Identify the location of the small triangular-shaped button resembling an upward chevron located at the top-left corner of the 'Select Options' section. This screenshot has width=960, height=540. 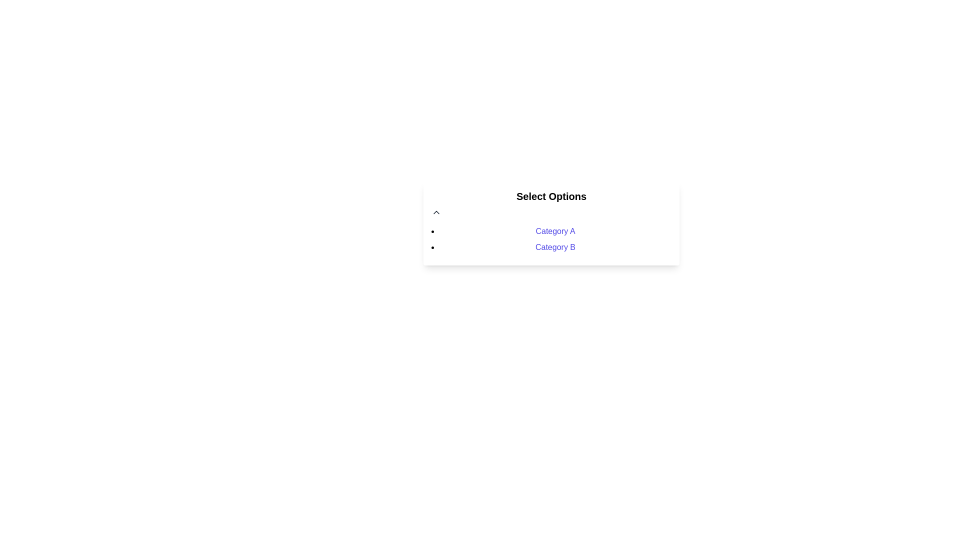
(436, 211).